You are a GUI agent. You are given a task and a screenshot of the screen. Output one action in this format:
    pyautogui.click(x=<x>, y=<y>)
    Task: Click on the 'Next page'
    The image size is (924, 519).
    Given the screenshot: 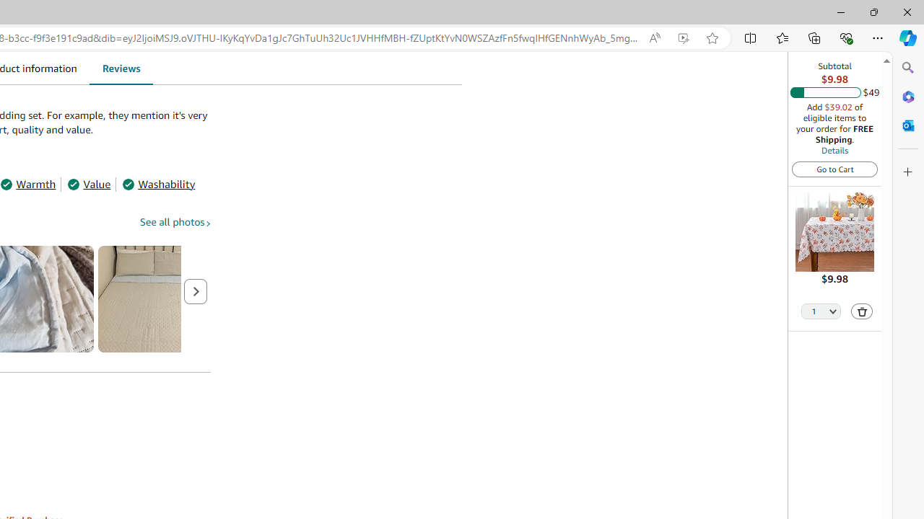 What is the action you would take?
    pyautogui.click(x=195, y=292)
    